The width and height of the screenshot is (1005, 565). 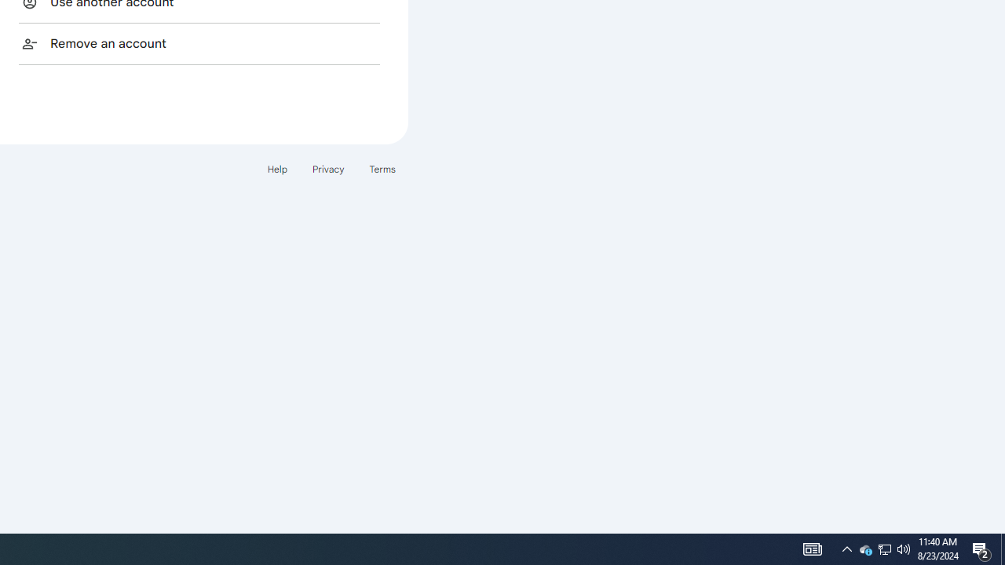 I want to click on 'Privacy', so click(x=327, y=169).